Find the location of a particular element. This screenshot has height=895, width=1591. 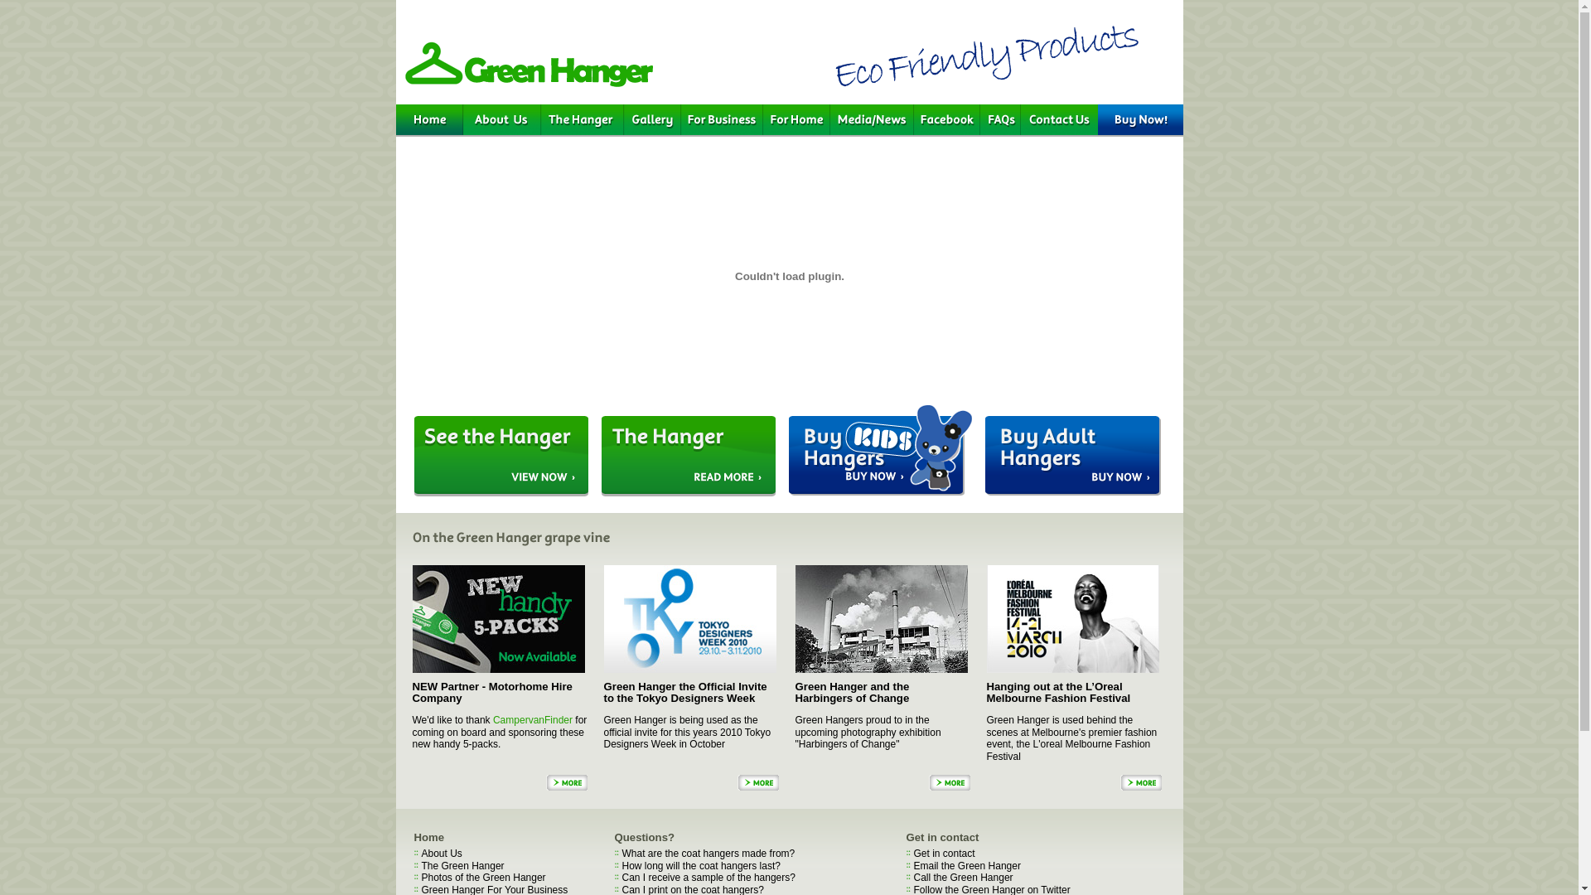

'Get in contact' is located at coordinates (943, 853).